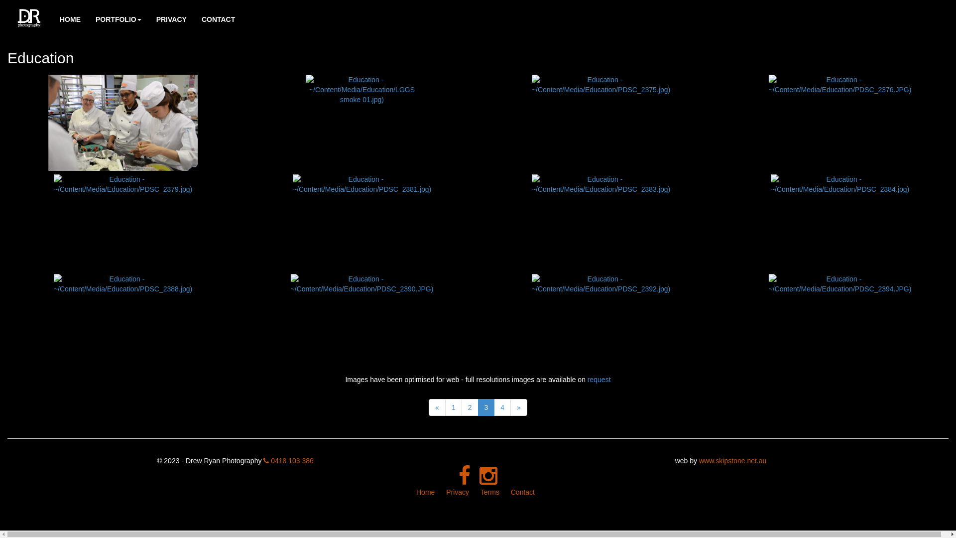 This screenshot has height=538, width=956. What do you see at coordinates (218, 19) in the screenshot?
I see `'CONTACT'` at bounding box center [218, 19].